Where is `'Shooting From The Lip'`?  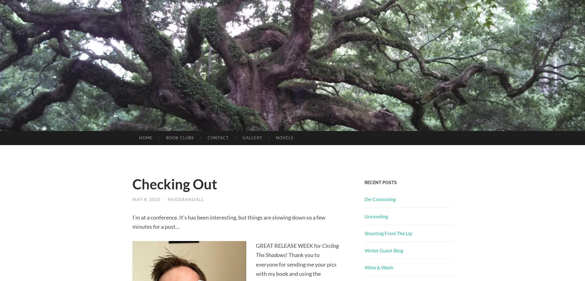 'Shooting From The Lip' is located at coordinates (388, 233).